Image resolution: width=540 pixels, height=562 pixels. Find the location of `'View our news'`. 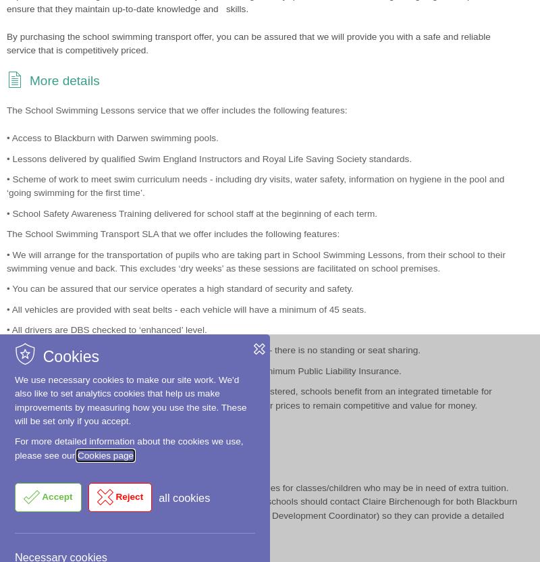

'View our news' is located at coordinates (72, 249).